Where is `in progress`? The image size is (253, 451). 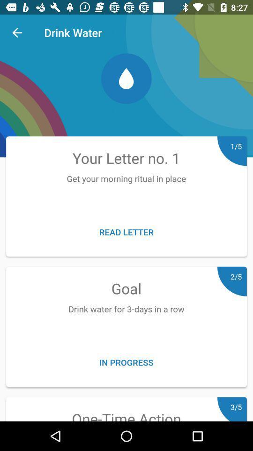
in progress is located at coordinates (126, 362).